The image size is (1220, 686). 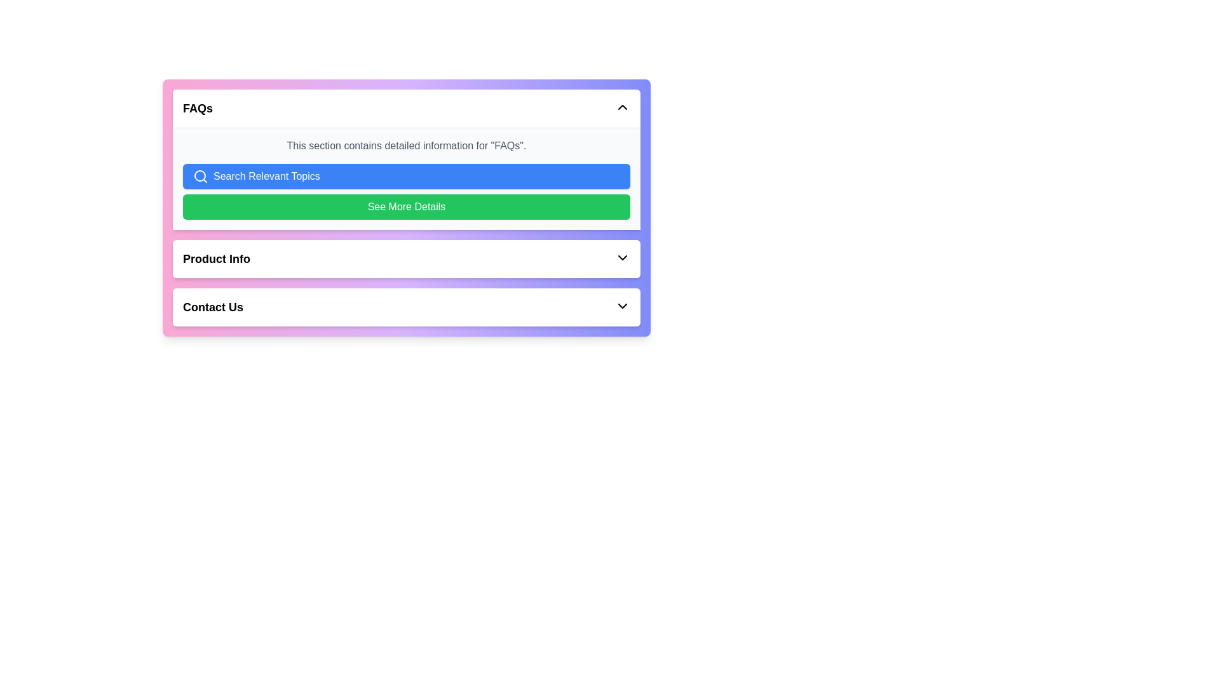 What do you see at coordinates (200, 176) in the screenshot?
I see `the decorative vector graphic circle that is part of the search icon, located to the left of the 'Search Relevant Topics' text on the blue rectangle button in the 'FAQs' section` at bounding box center [200, 176].